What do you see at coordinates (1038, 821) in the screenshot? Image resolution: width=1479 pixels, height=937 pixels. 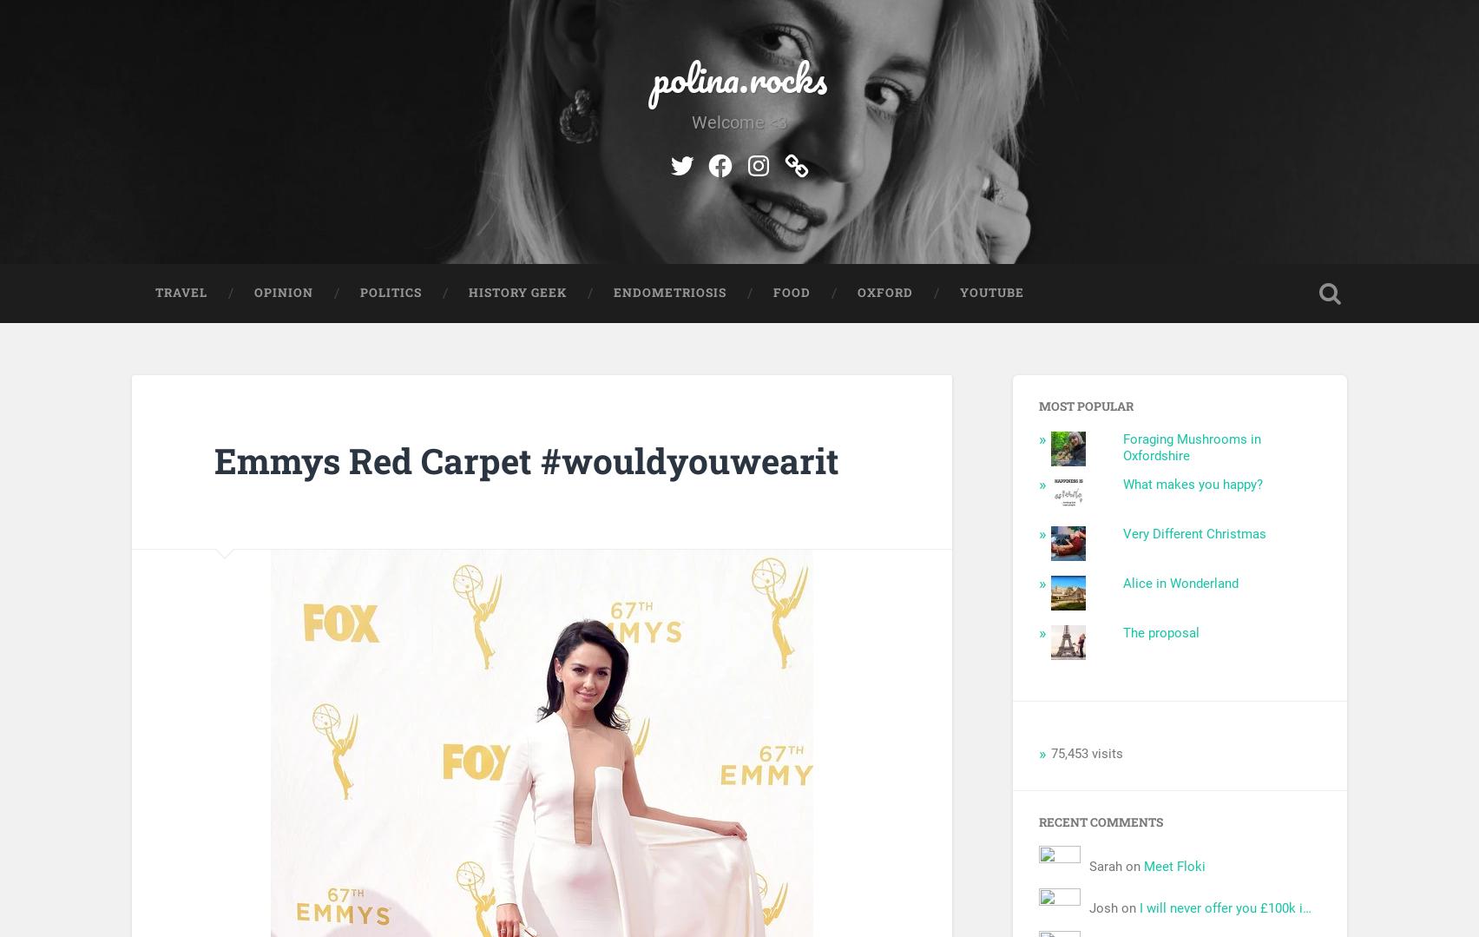 I see `'Recent Comments'` at bounding box center [1038, 821].